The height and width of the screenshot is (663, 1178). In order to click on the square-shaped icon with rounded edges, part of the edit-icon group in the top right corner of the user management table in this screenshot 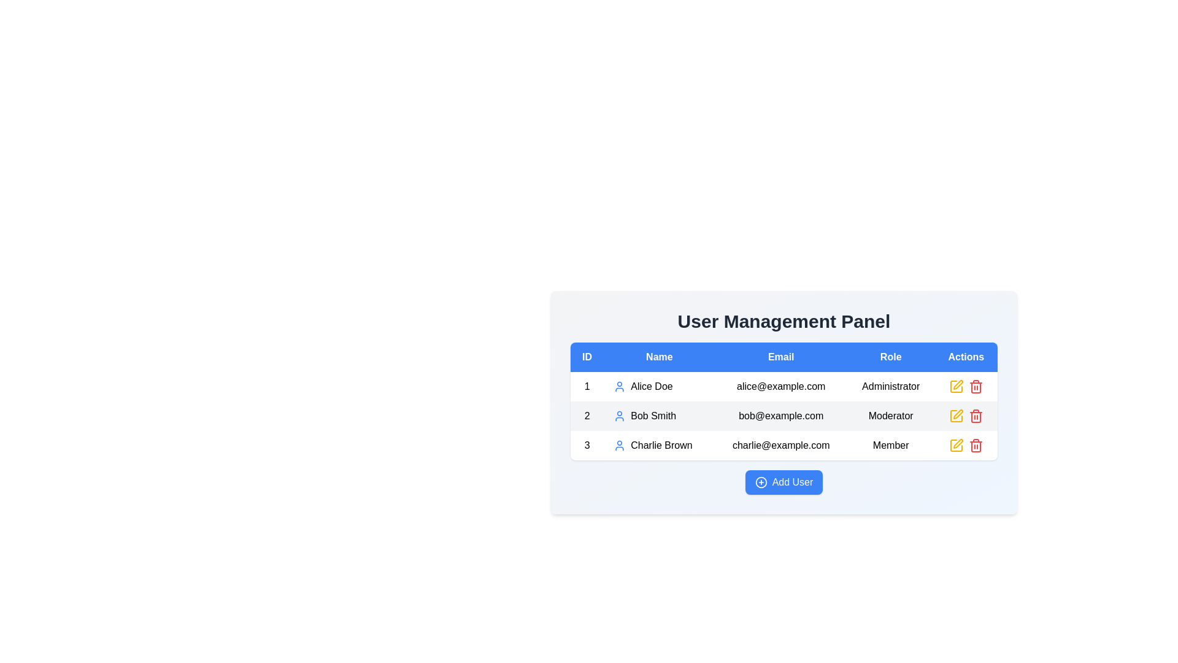, I will do `click(955, 386)`.